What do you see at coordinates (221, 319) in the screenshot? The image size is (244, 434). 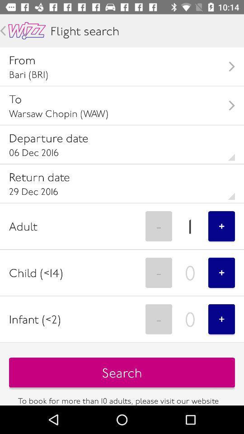 I see `+ icon` at bounding box center [221, 319].